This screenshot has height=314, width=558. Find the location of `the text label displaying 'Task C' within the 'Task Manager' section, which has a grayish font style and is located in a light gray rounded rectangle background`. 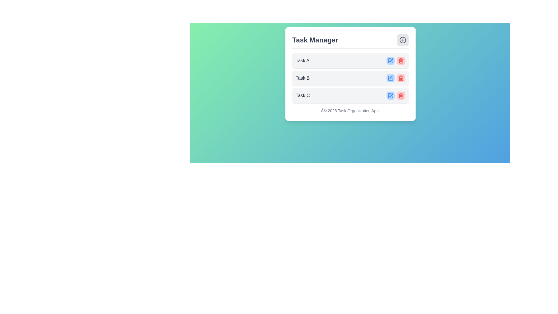

the text label displaying 'Task C' within the 'Task Manager' section, which has a grayish font style and is located in a light gray rounded rectangle background is located at coordinates (302, 95).